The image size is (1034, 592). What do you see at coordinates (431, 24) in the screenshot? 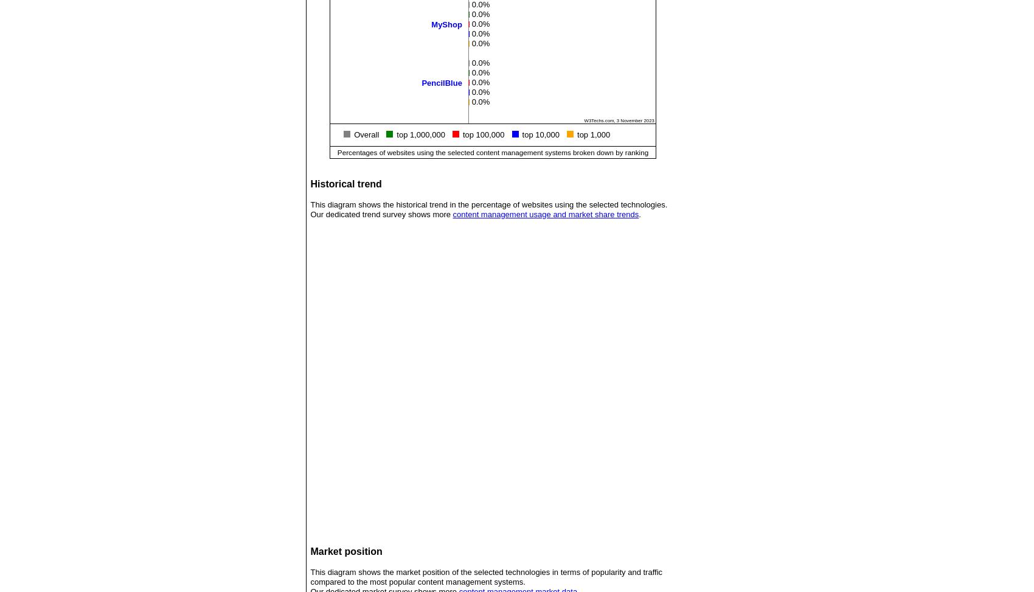
I see `'MyShop'` at bounding box center [431, 24].